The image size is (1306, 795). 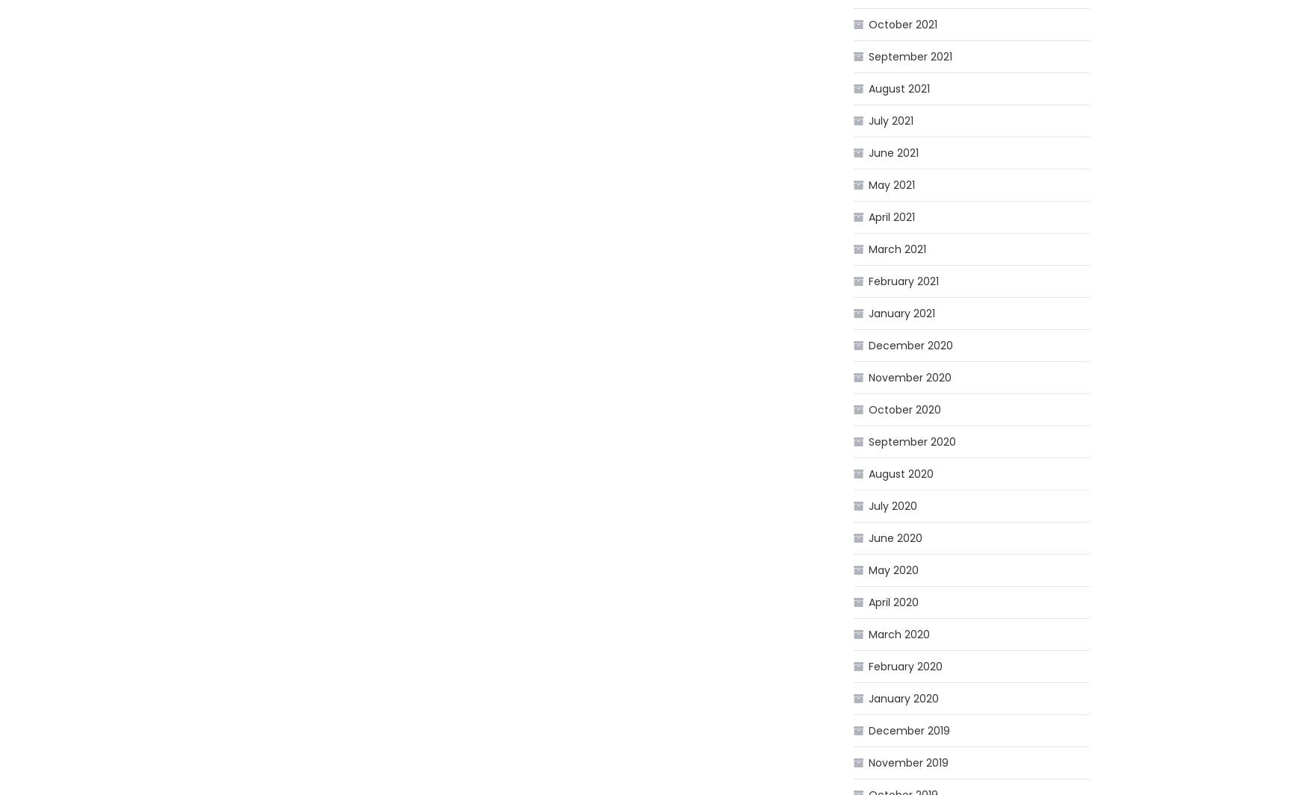 I want to click on 'October 2020', so click(x=904, y=410).